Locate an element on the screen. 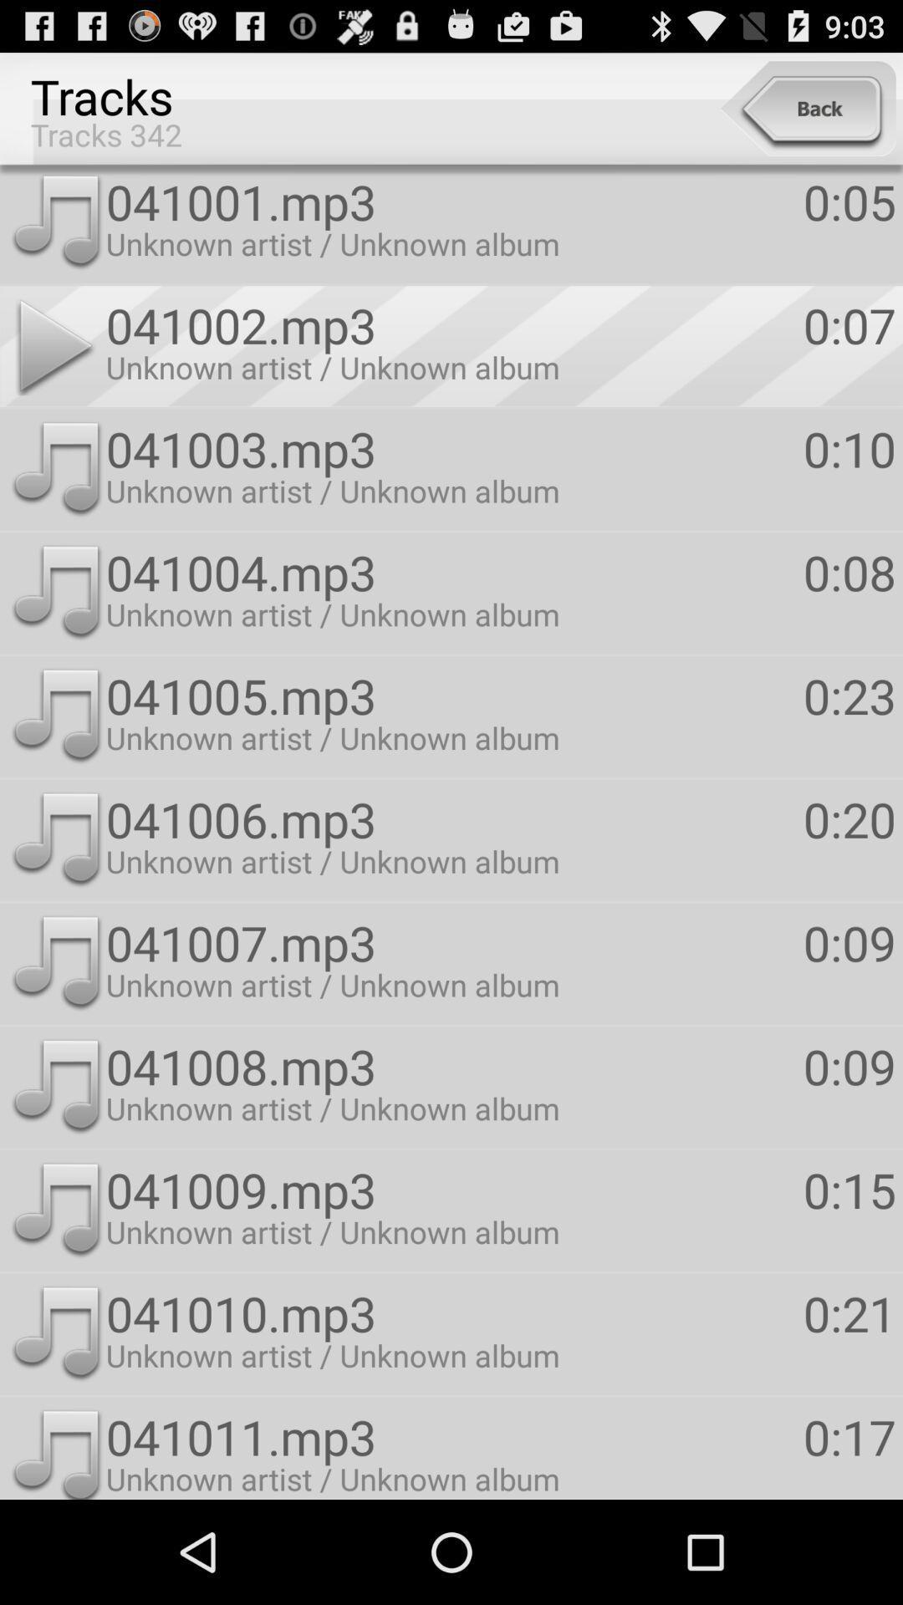 The width and height of the screenshot is (903, 1605). the item above 041001.mp3 item is located at coordinates (807, 108).